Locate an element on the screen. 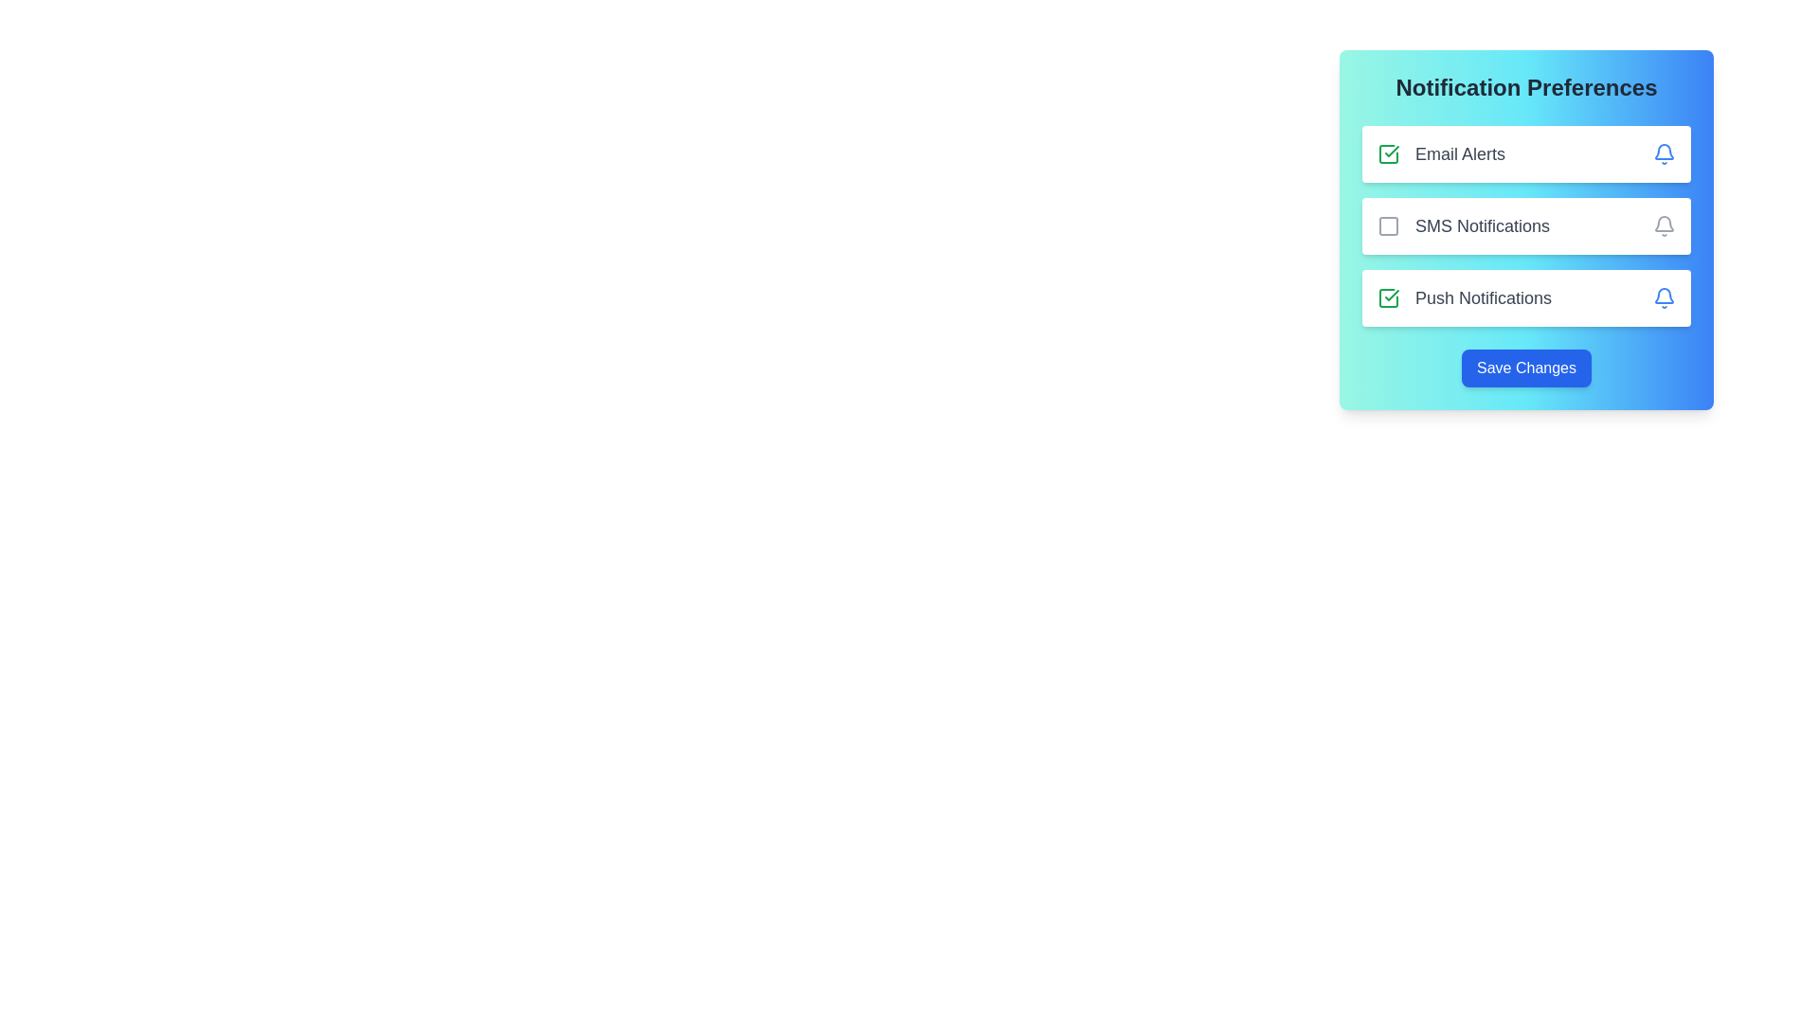  text label 'Push Notifications' which is the third text label in the list of notification preferences, located within a white card with rounded corners is located at coordinates (1482, 298).